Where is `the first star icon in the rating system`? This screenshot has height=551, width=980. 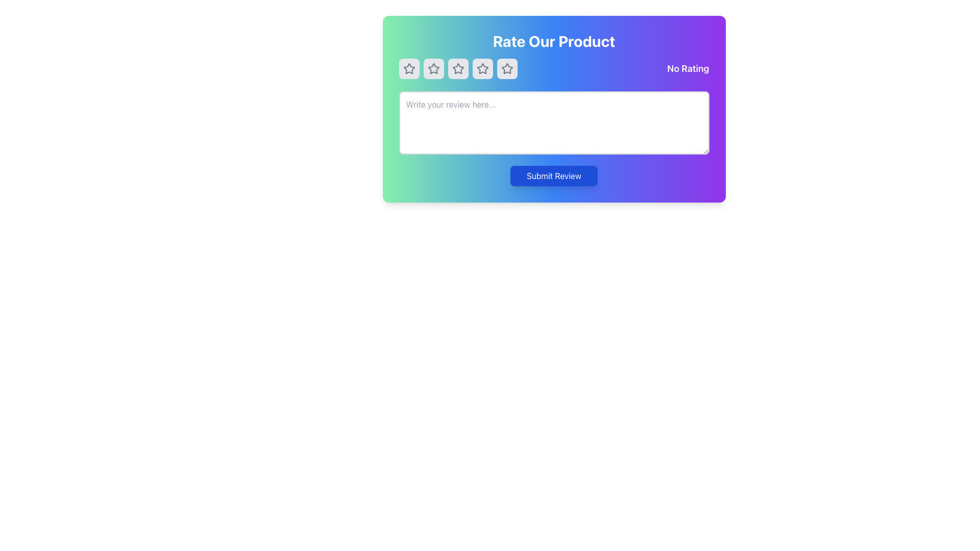 the first star icon in the rating system is located at coordinates (409, 68).